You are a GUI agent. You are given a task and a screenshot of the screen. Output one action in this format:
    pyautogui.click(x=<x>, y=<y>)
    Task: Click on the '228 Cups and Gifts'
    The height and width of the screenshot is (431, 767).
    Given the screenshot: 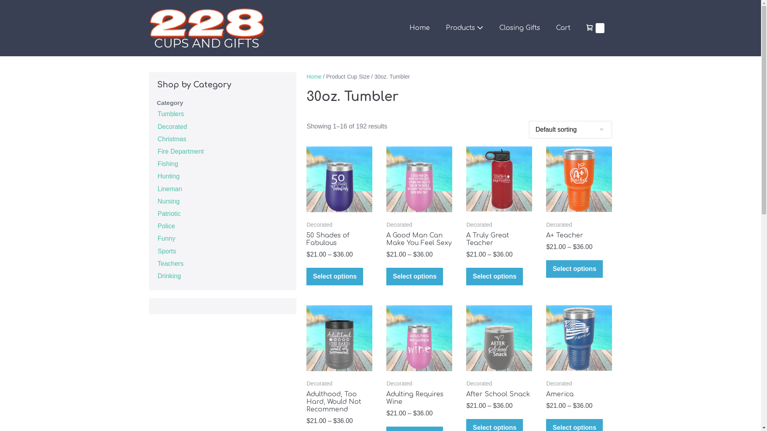 What is the action you would take?
    pyautogui.click(x=207, y=28)
    